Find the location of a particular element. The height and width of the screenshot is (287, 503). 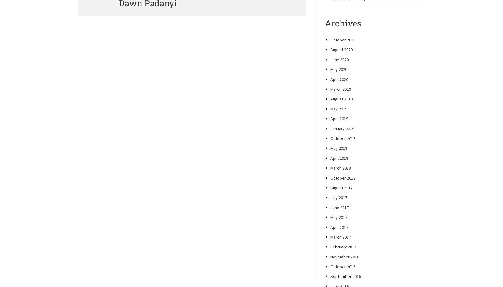

'April 2017' is located at coordinates (339, 248).